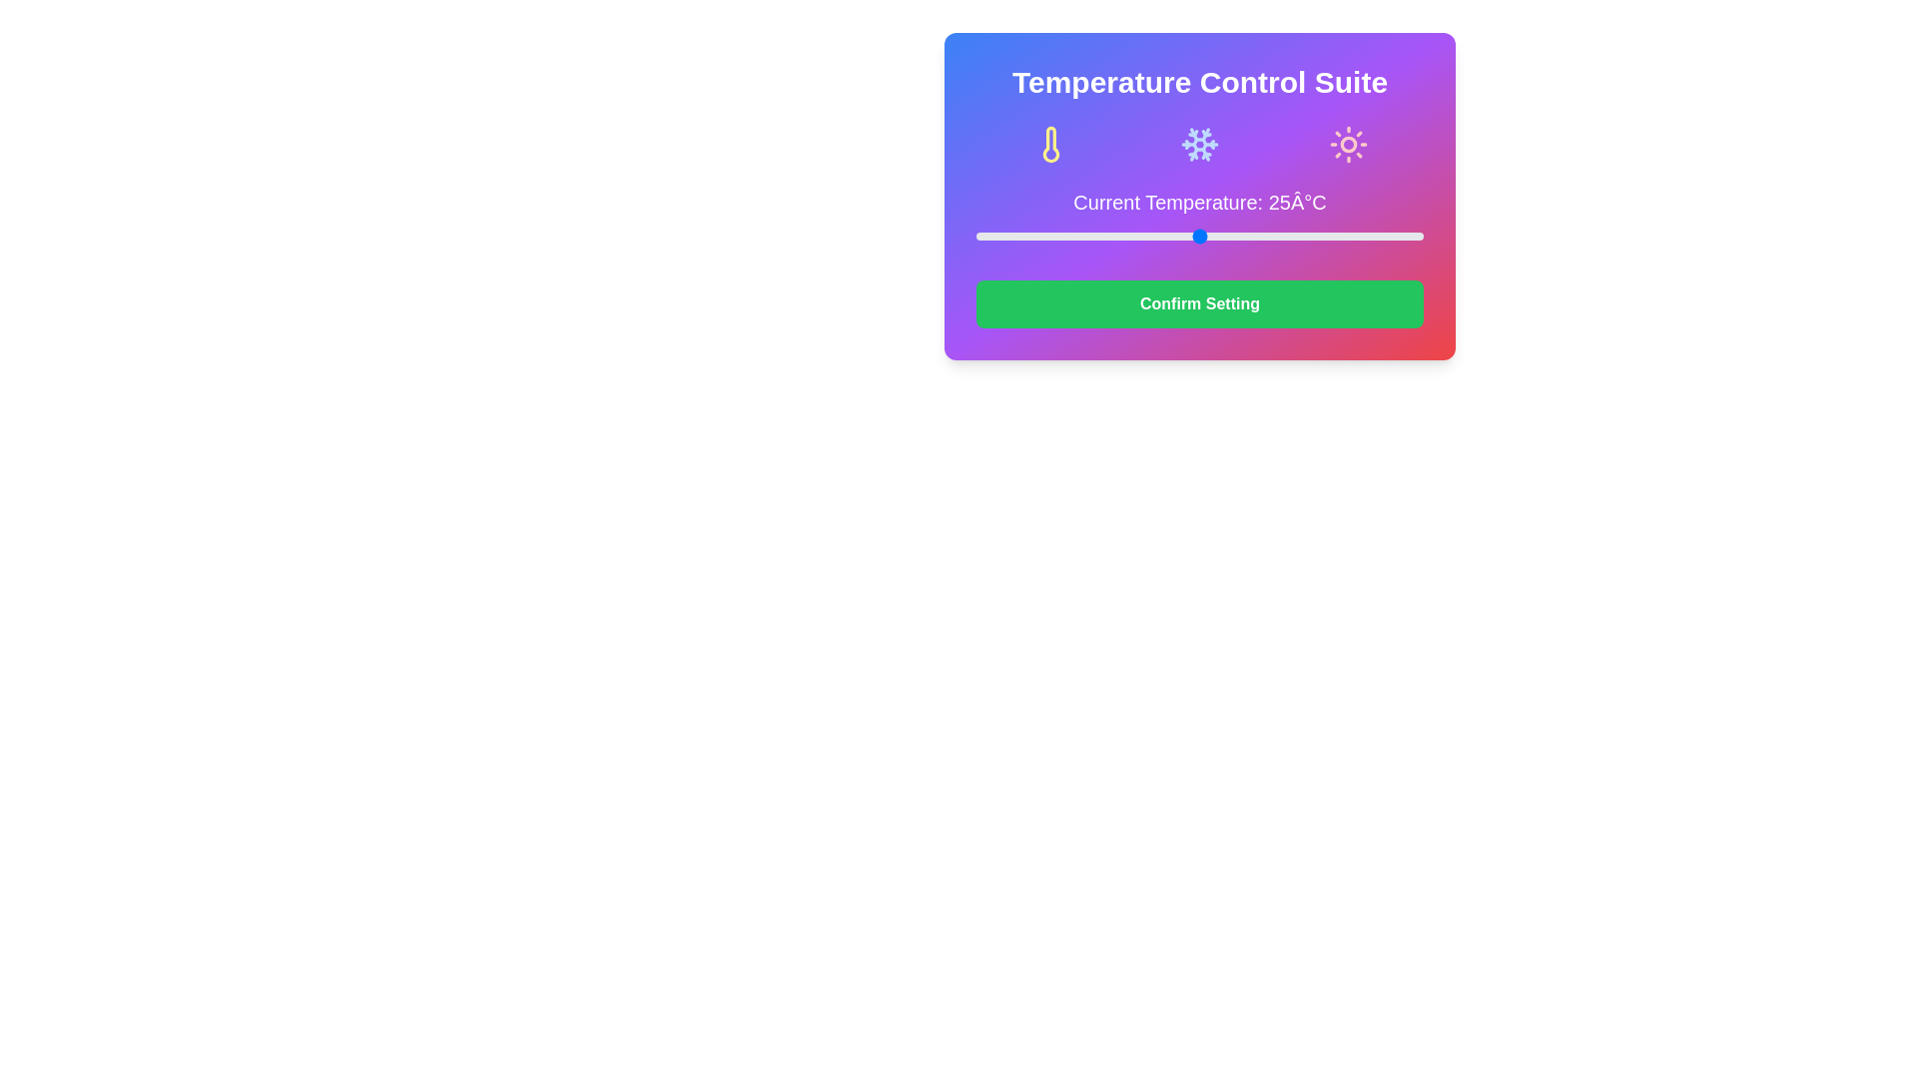 The image size is (1917, 1078). Describe the element at coordinates (993, 235) in the screenshot. I see `the slider to set the temperature to 2°C` at that location.